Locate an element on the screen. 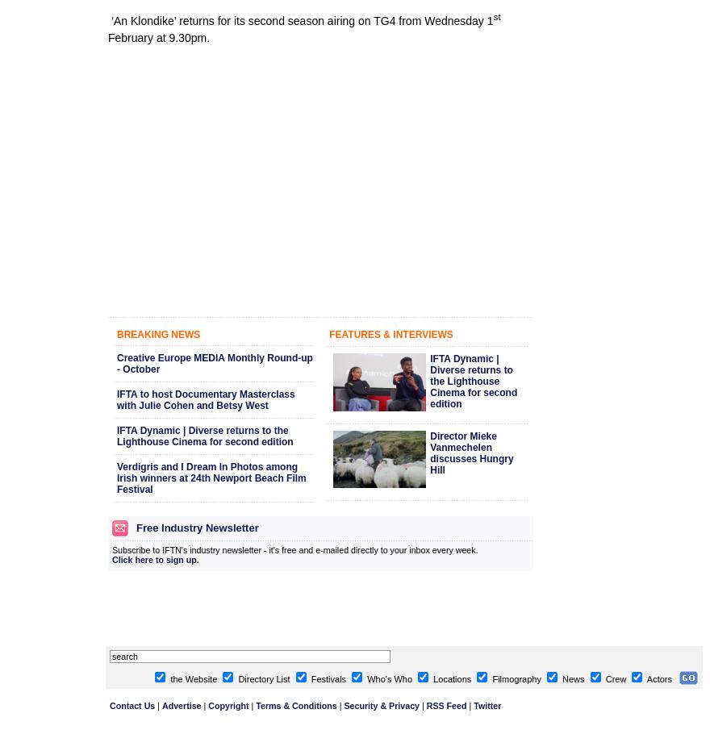  'Who's Who' is located at coordinates (363, 678).